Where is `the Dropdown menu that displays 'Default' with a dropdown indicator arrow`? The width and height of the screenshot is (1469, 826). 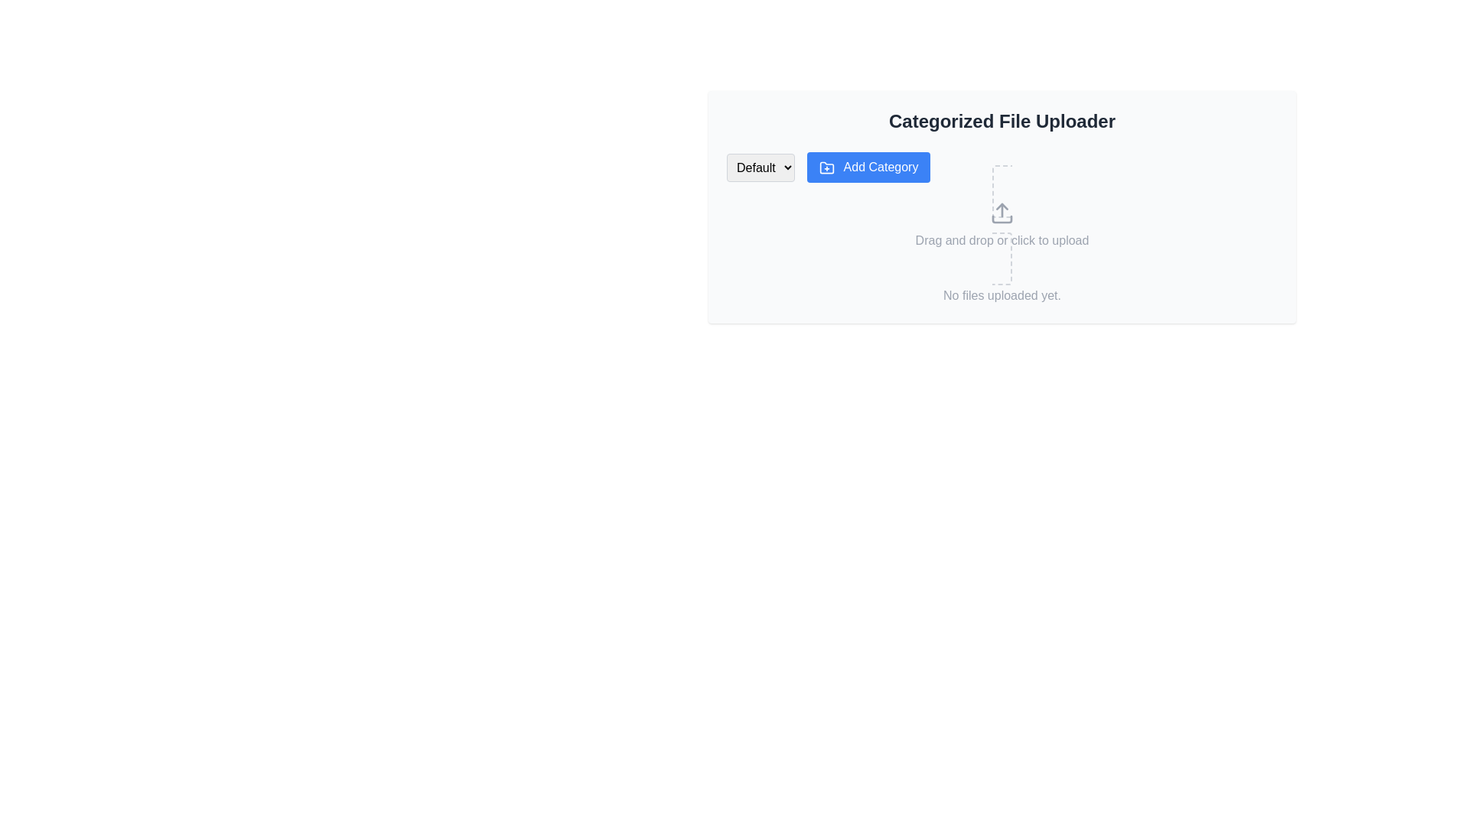 the Dropdown menu that displays 'Default' with a dropdown indicator arrow is located at coordinates (761, 167).